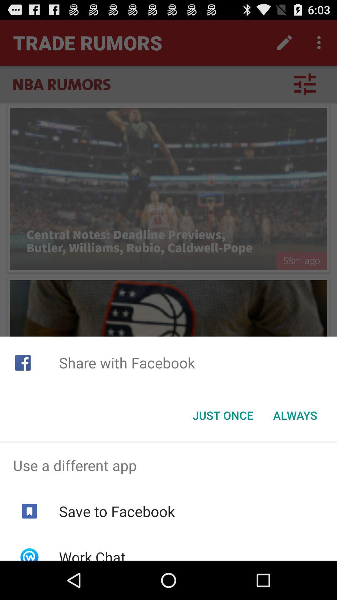 This screenshot has width=337, height=600. What do you see at coordinates (222, 415) in the screenshot?
I see `the just once icon` at bounding box center [222, 415].